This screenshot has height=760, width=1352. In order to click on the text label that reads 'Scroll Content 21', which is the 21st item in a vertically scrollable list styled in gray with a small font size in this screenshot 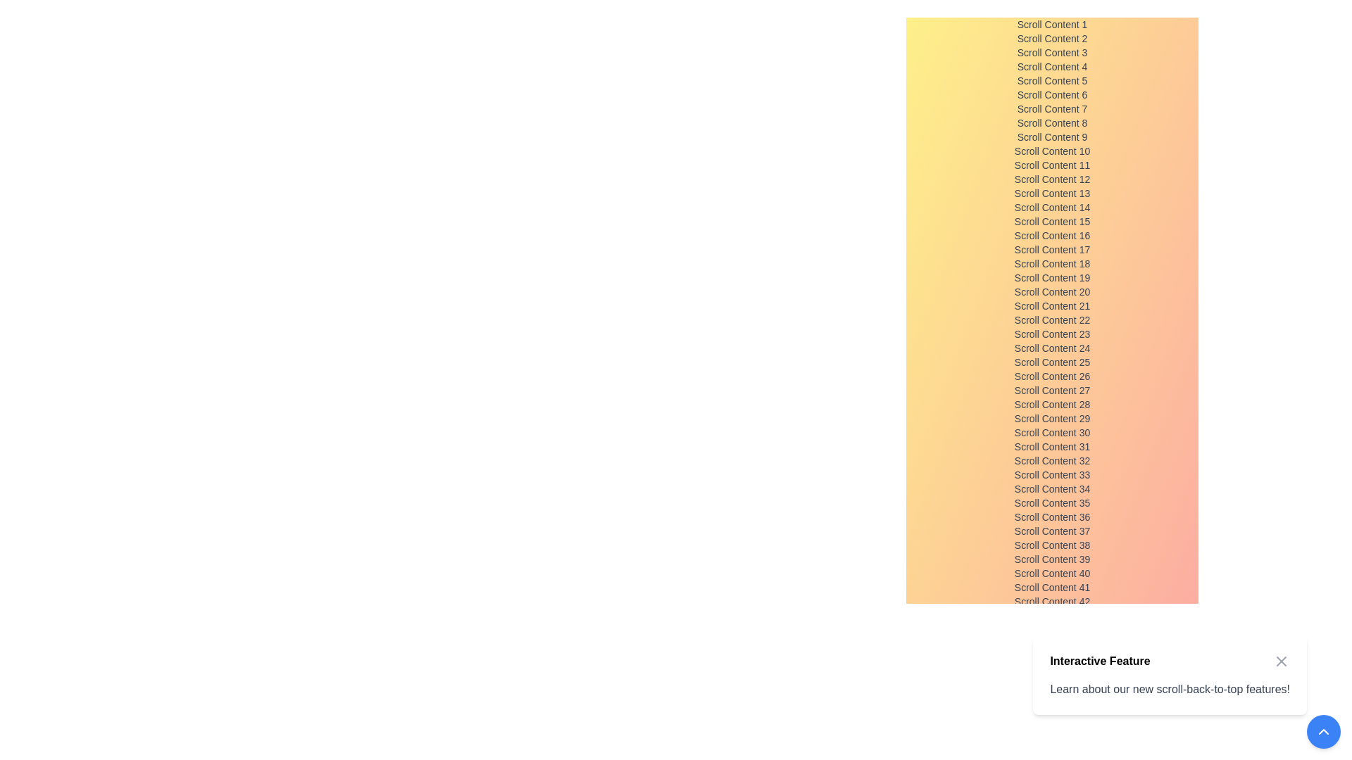, I will do `click(1052, 305)`.